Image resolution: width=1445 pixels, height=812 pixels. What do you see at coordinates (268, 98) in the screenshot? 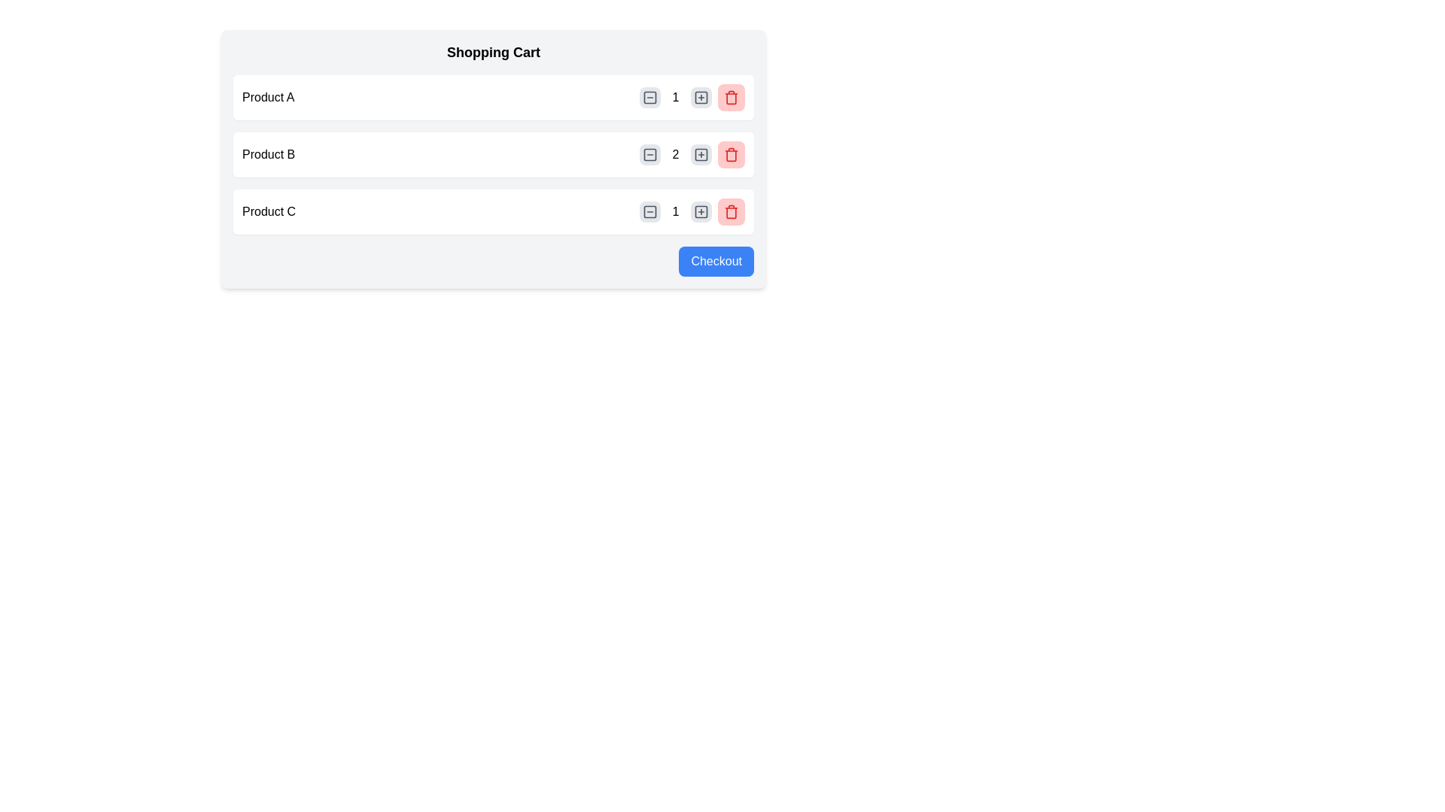
I see `the text label displaying 'Product A', which is the first label in a vertical list of products under the shopping cart heading` at bounding box center [268, 98].